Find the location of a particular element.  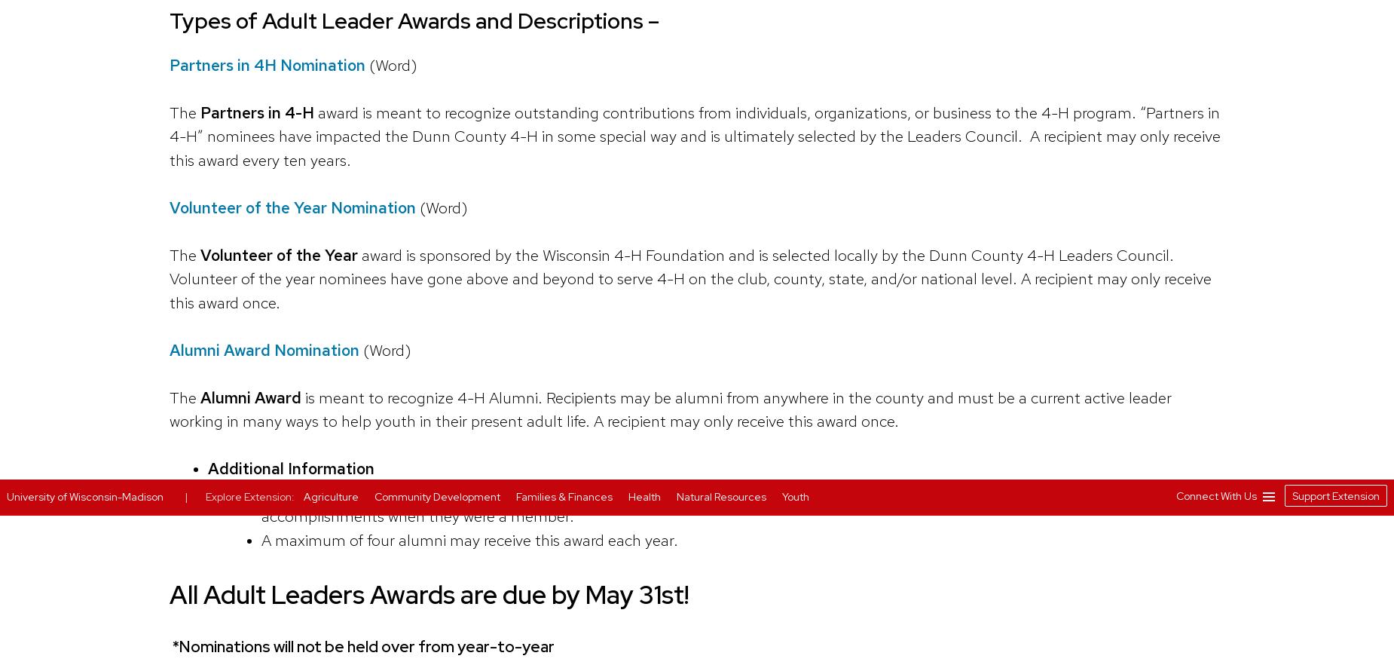

'Cookie Notice' is located at coordinates (72, 121).